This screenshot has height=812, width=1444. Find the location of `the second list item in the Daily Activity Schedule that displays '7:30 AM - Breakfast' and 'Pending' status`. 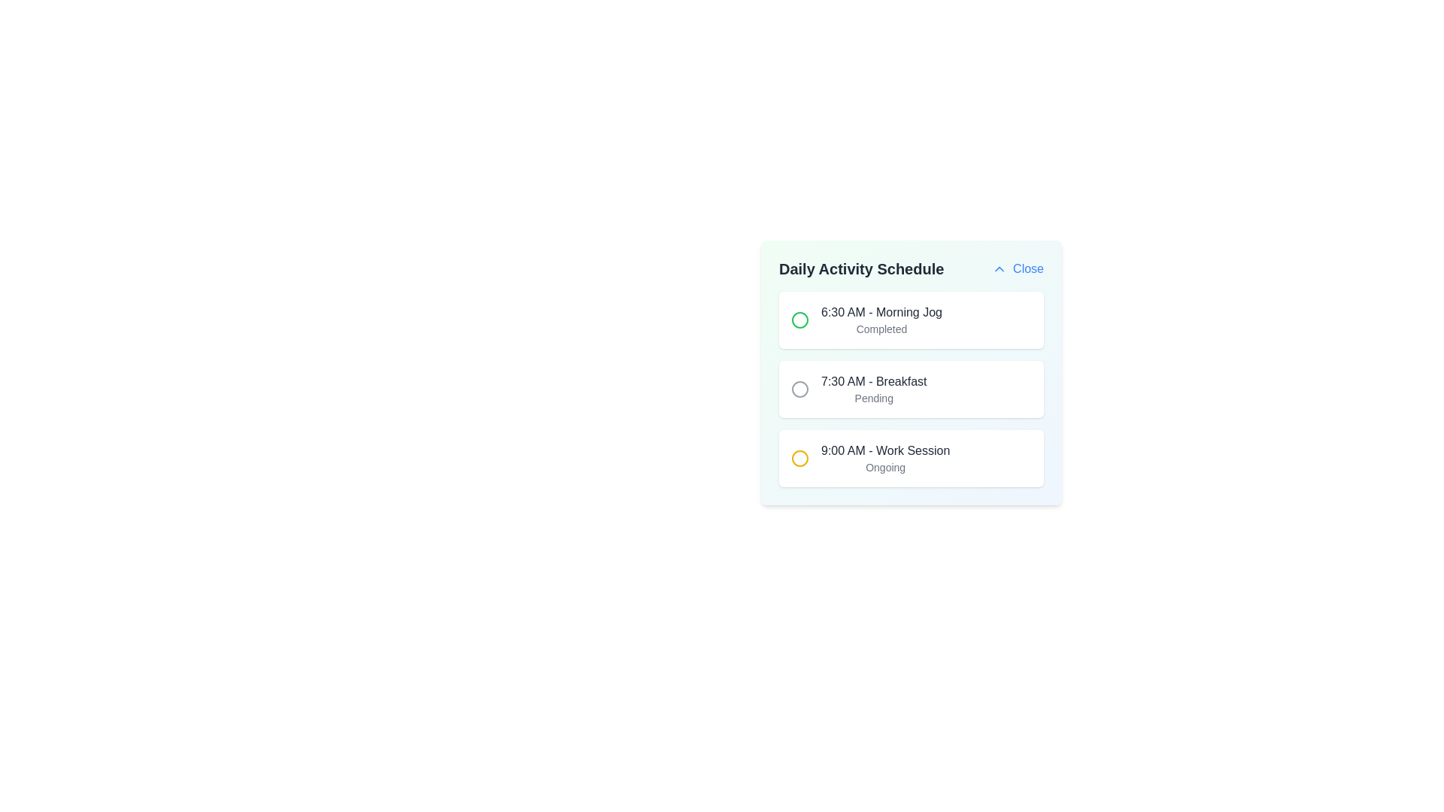

the second list item in the Daily Activity Schedule that displays '7:30 AM - Breakfast' and 'Pending' status is located at coordinates (910, 388).